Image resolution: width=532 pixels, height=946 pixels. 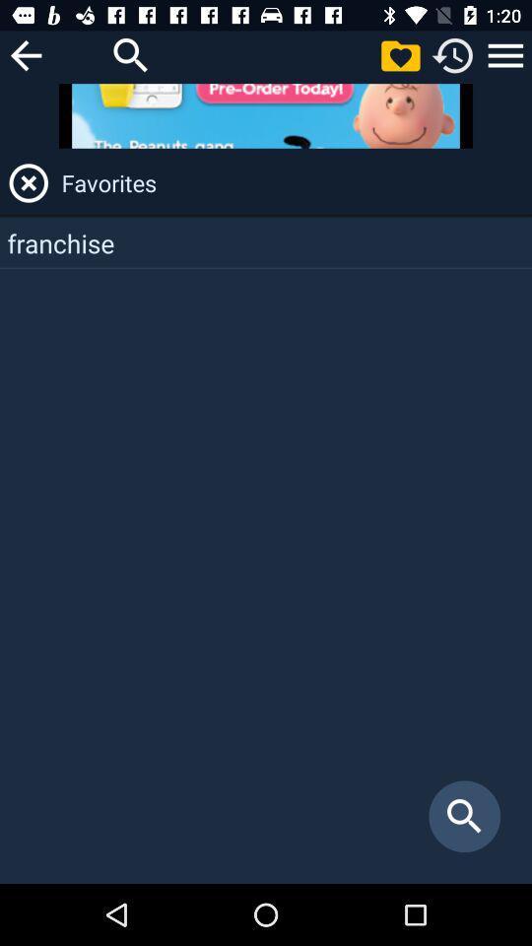 What do you see at coordinates (505, 54) in the screenshot?
I see `item above the favorites item` at bounding box center [505, 54].